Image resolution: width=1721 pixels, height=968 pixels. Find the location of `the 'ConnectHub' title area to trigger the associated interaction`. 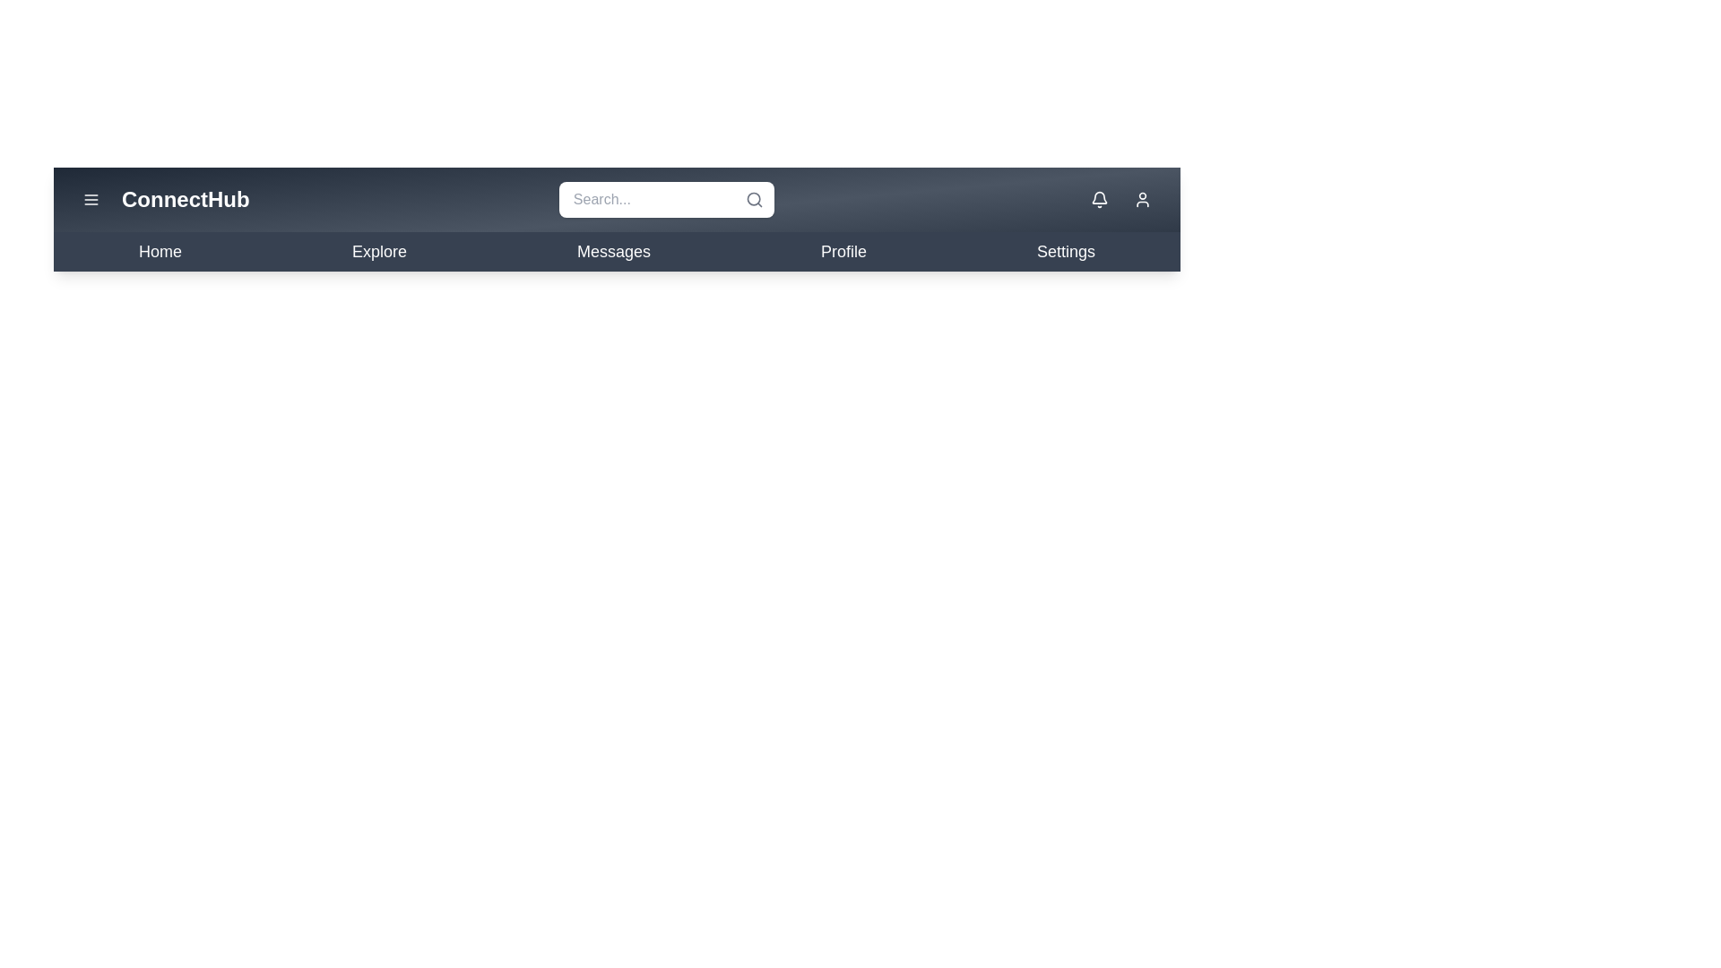

the 'ConnectHub' title area to trigger the associated interaction is located at coordinates (185, 200).